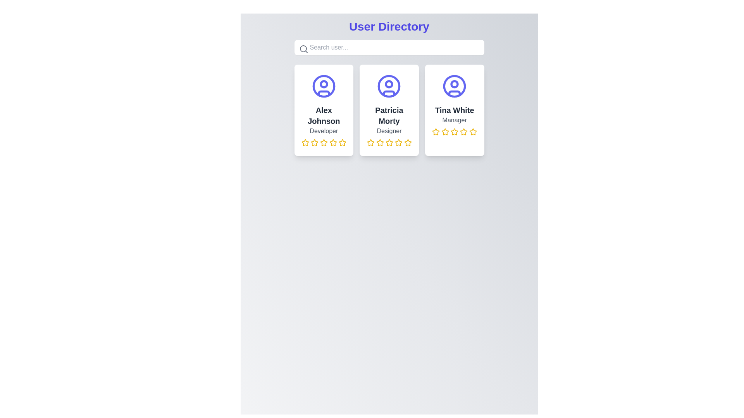 This screenshot has height=418, width=744. I want to click on the third star icon in the rating component below the user card for Tina White to set a 3-star rating, so click(445, 131).